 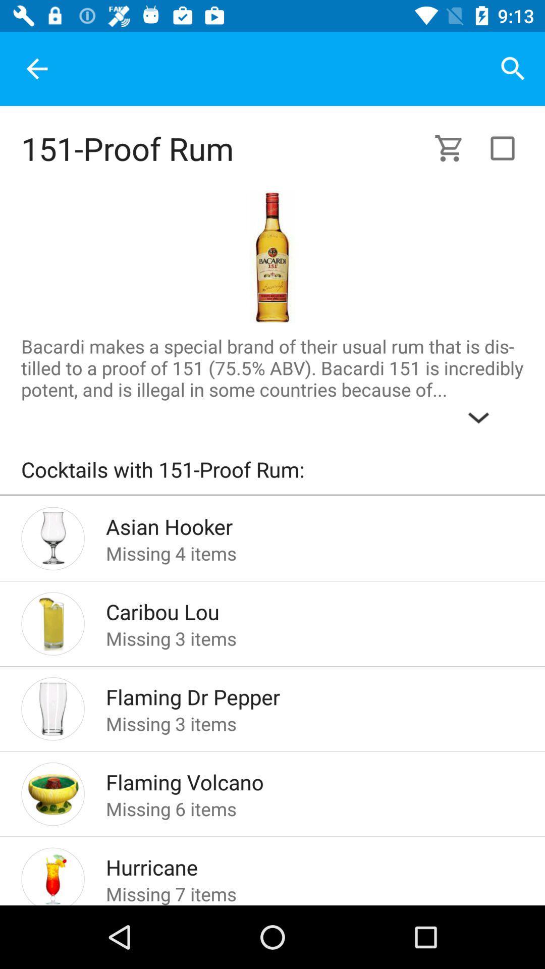 What do you see at coordinates (36, 68) in the screenshot?
I see `the item above 151-proof rum` at bounding box center [36, 68].